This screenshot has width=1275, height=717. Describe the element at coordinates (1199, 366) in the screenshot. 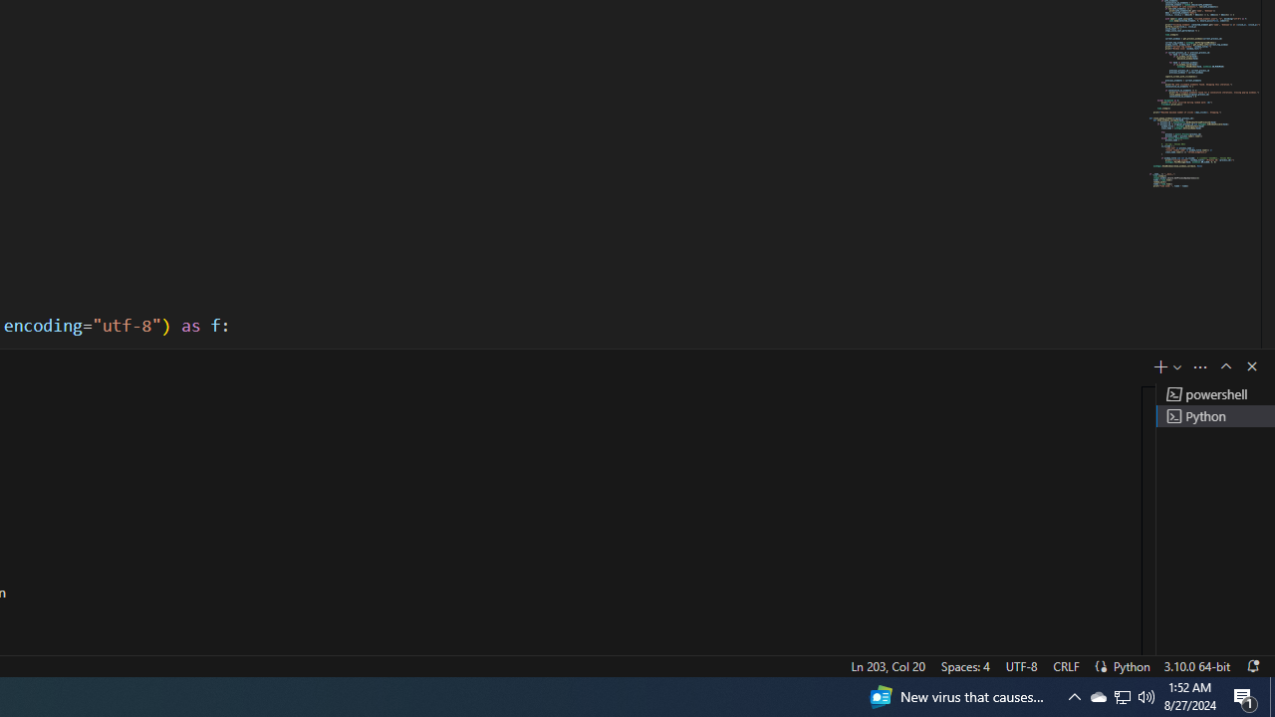

I see `'Views and More Actions...'` at that location.